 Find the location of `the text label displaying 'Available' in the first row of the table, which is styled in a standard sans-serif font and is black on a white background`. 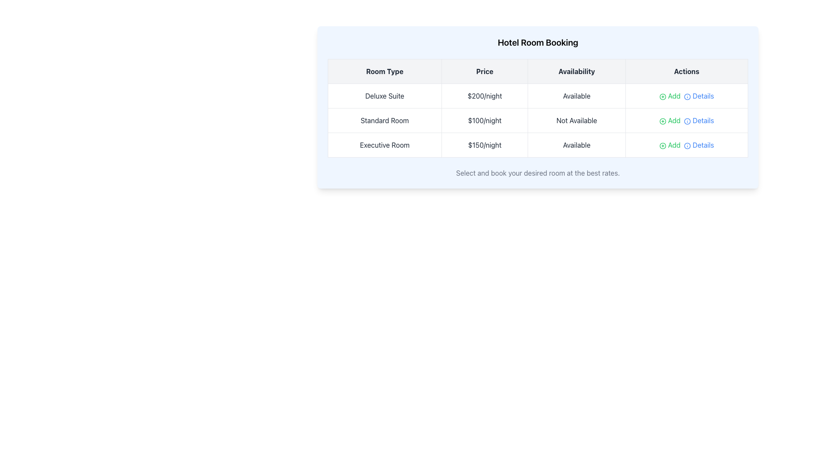

the text label displaying 'Available' in the first row of the table, which is styled in a standard sans-serif font and is black on a white background is located at coordinates (577, 96).